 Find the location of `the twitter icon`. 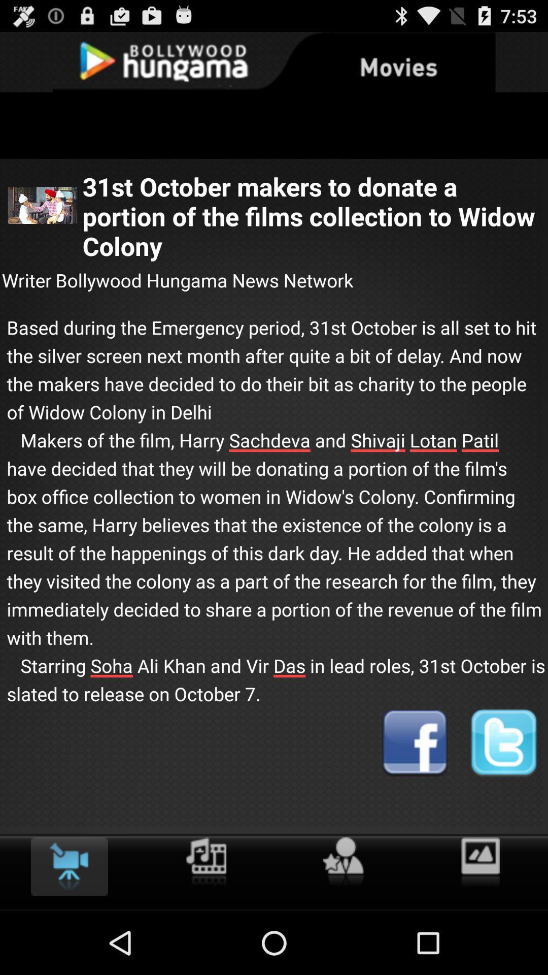

the twitter icon is located at coordinates (503, 795).